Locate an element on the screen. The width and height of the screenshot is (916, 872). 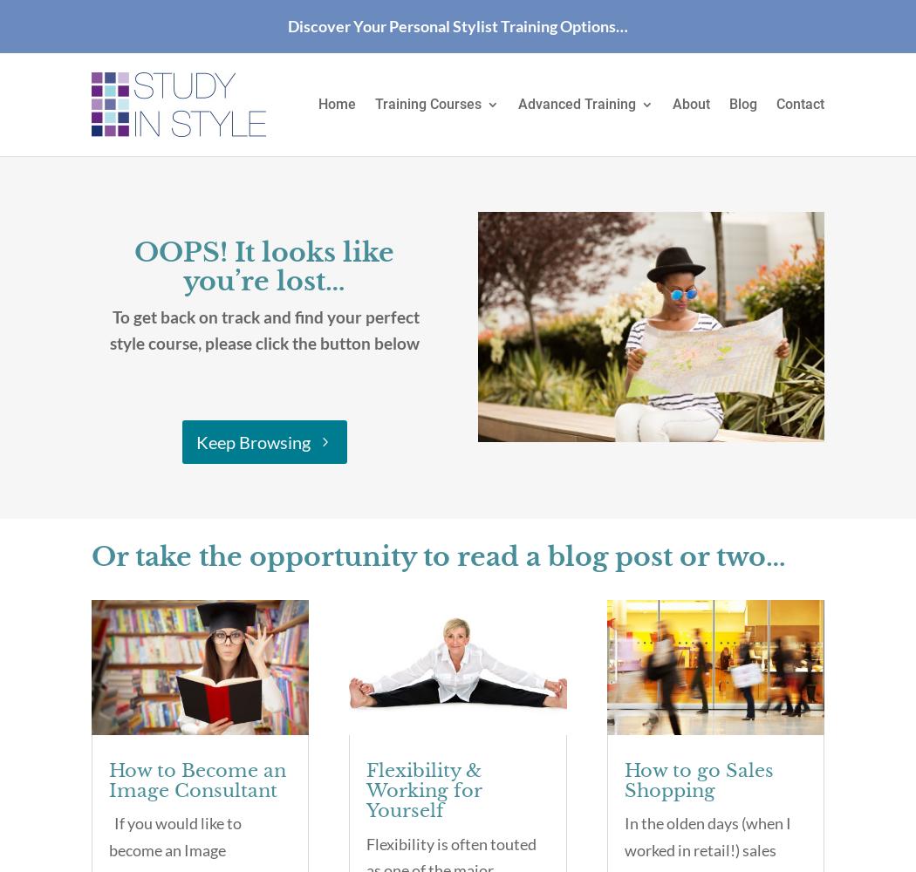
'Virtual Style Analysis' is located at coordinates (609, 207).